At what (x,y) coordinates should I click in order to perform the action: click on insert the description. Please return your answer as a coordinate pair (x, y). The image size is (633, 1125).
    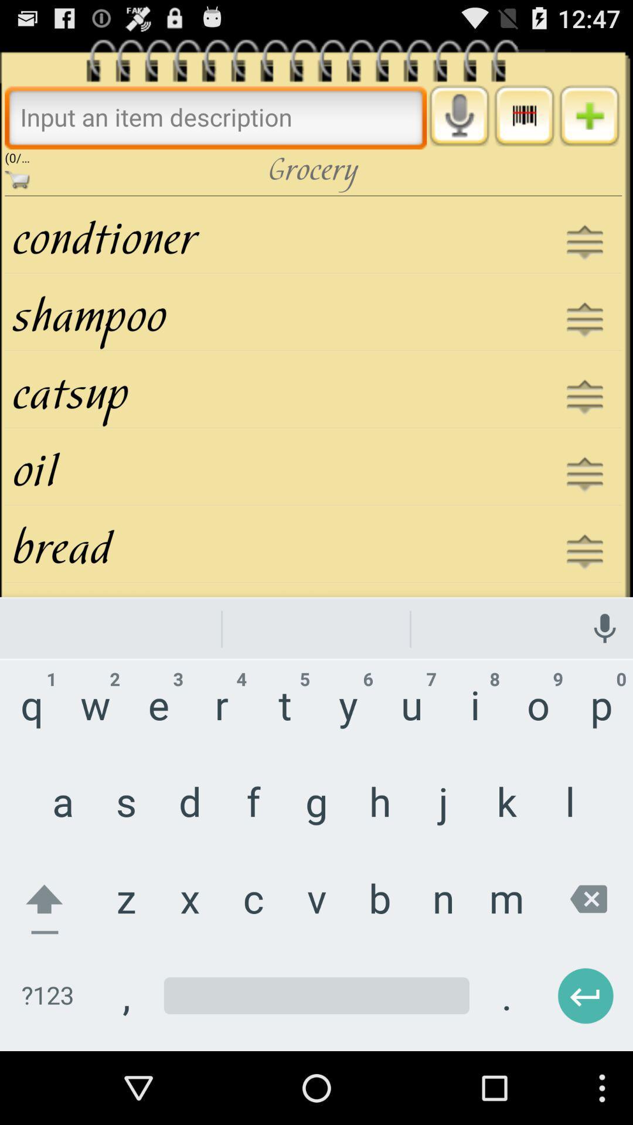
    Looking at the image, I should click on (216, 117).